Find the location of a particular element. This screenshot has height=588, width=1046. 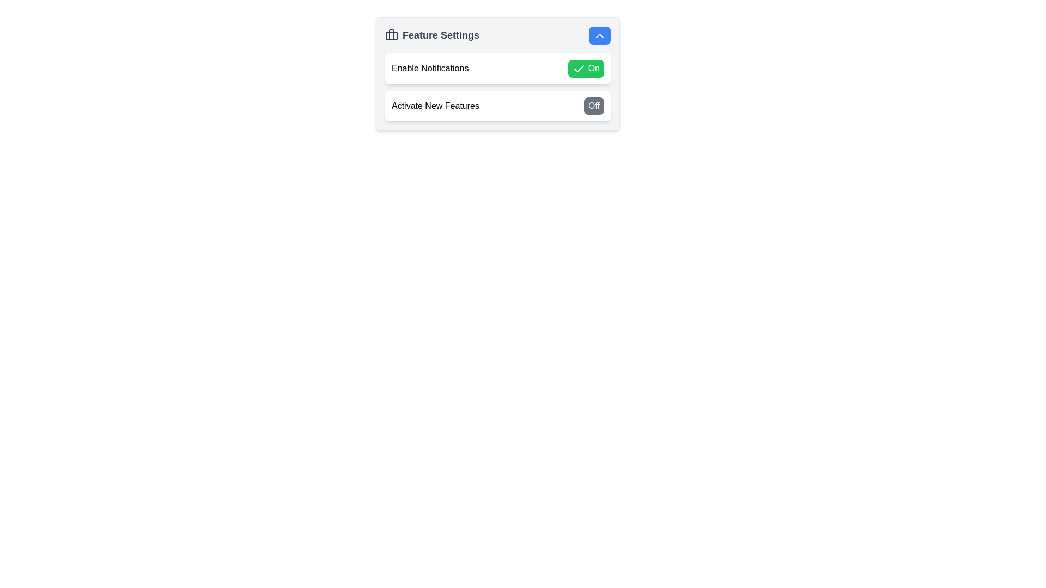

the button located at the top-right corner of the 'Feature Settings' section is located at coordinates (599, 35).